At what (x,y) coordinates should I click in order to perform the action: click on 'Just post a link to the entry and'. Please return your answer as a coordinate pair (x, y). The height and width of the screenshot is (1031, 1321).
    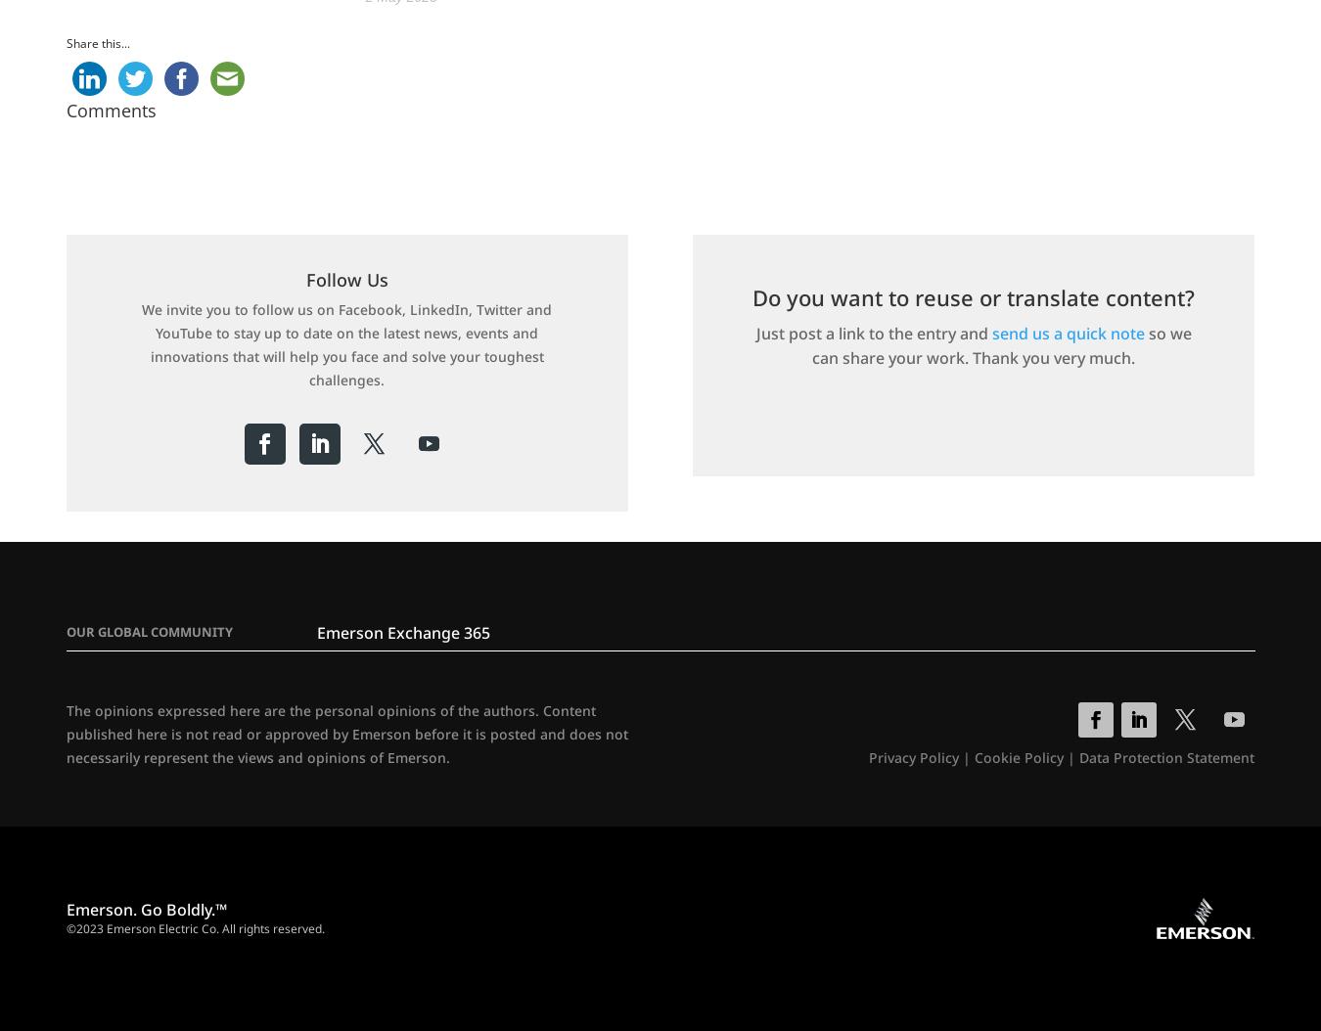
    Looking at the image, I should click on (873, 333).